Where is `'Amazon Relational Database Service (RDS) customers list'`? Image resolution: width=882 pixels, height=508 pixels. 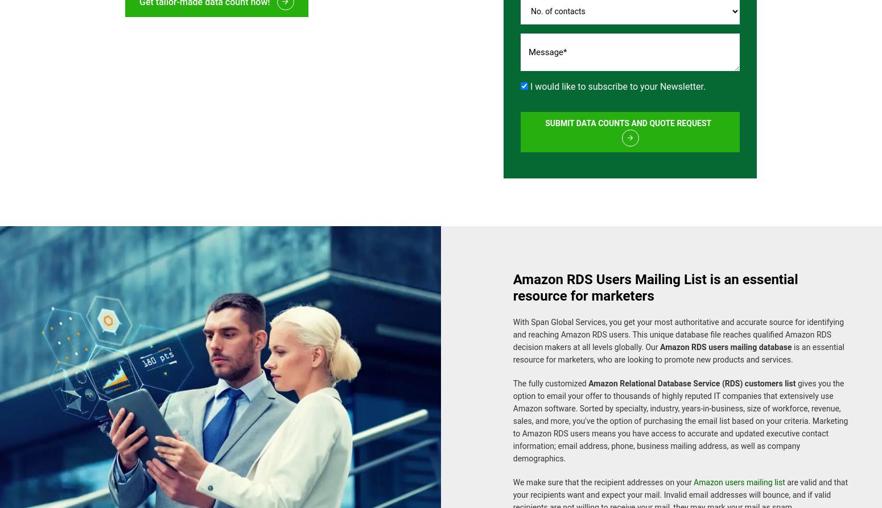 'Amazon Relational Database Service (RDS) customers list' is located at coordinates (691, 377).